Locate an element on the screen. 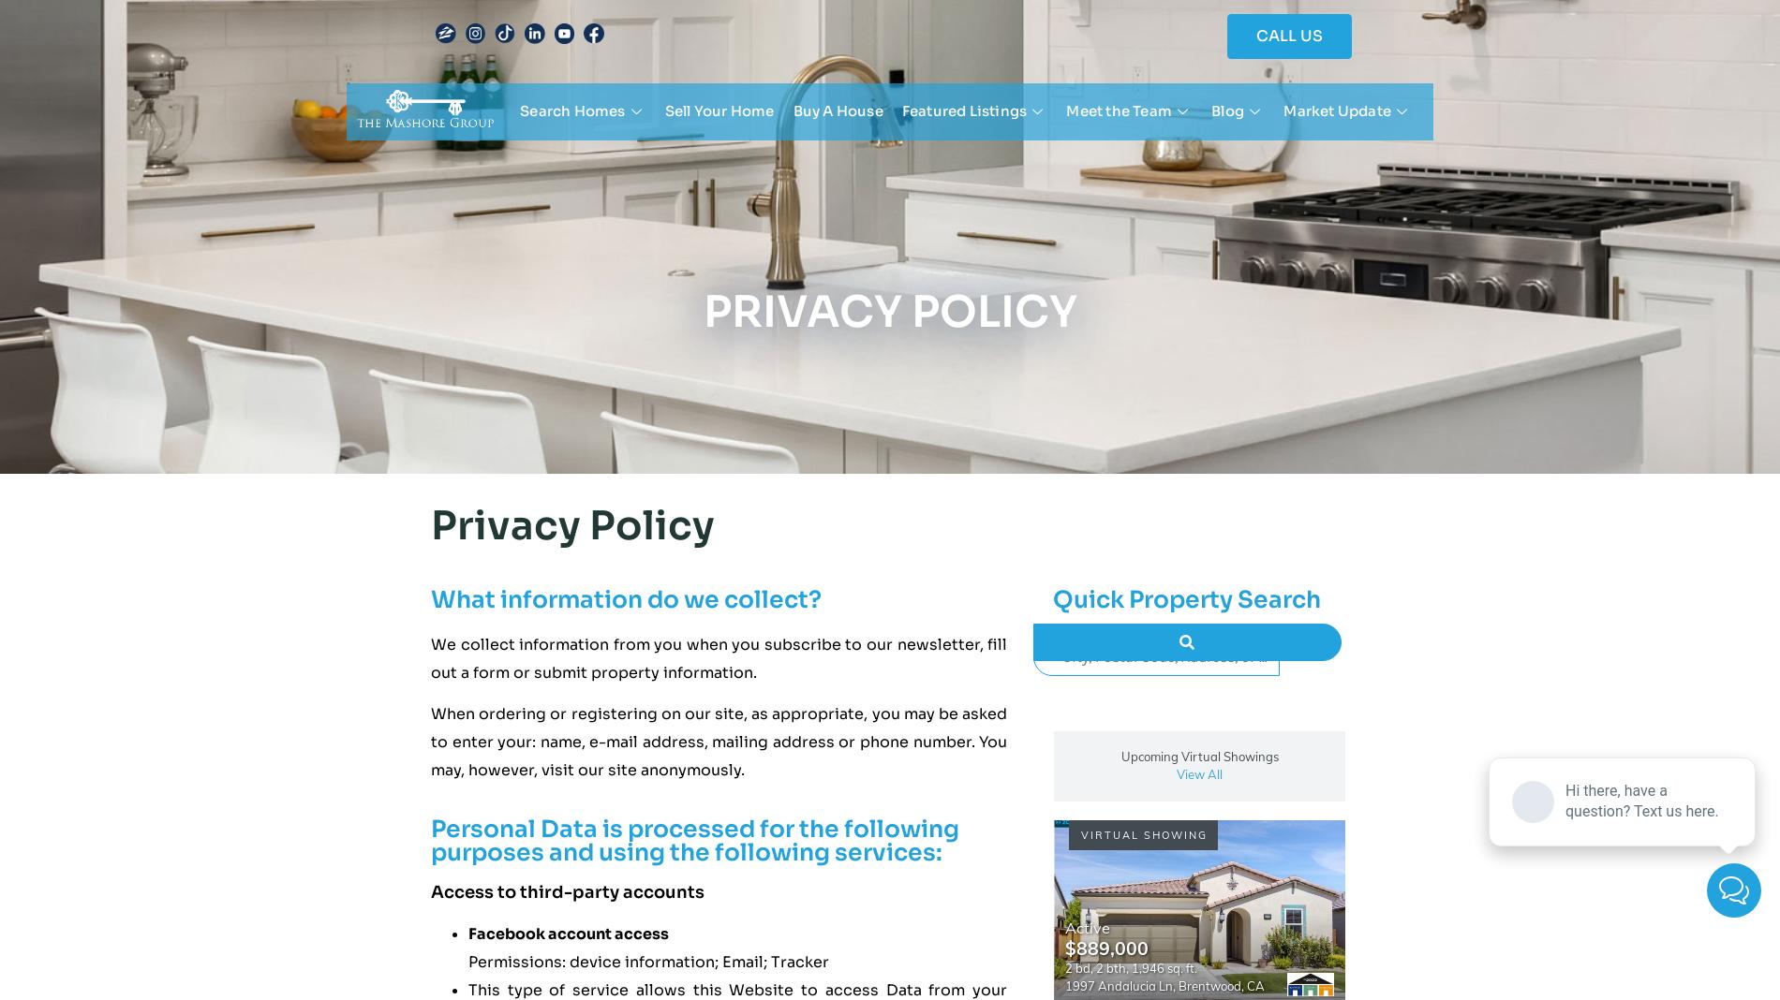 The height and width of the screenshot is (1000, 1780). 'What information do we collect?' is located at coordinates (429, 597).